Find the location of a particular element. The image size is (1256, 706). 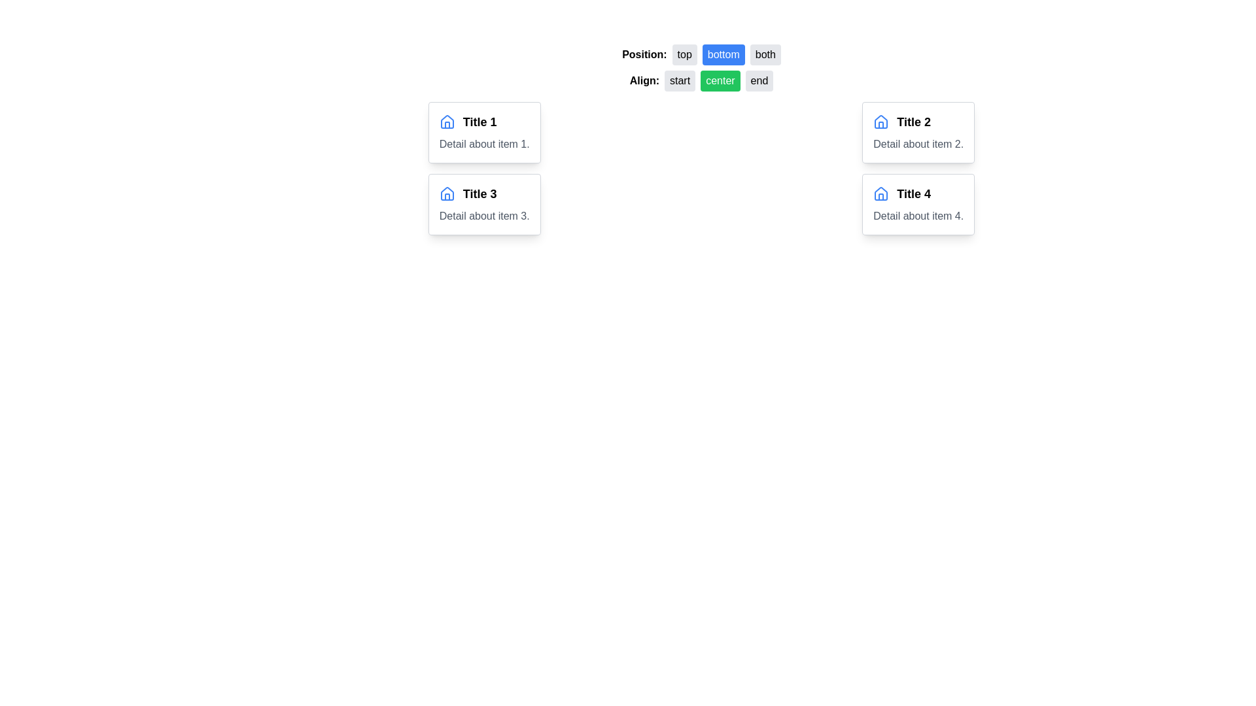

text label that provides a title or heading for the content of the second card in the right column, which summarizes the subject matter of the section is located at coordinates (913, 122).